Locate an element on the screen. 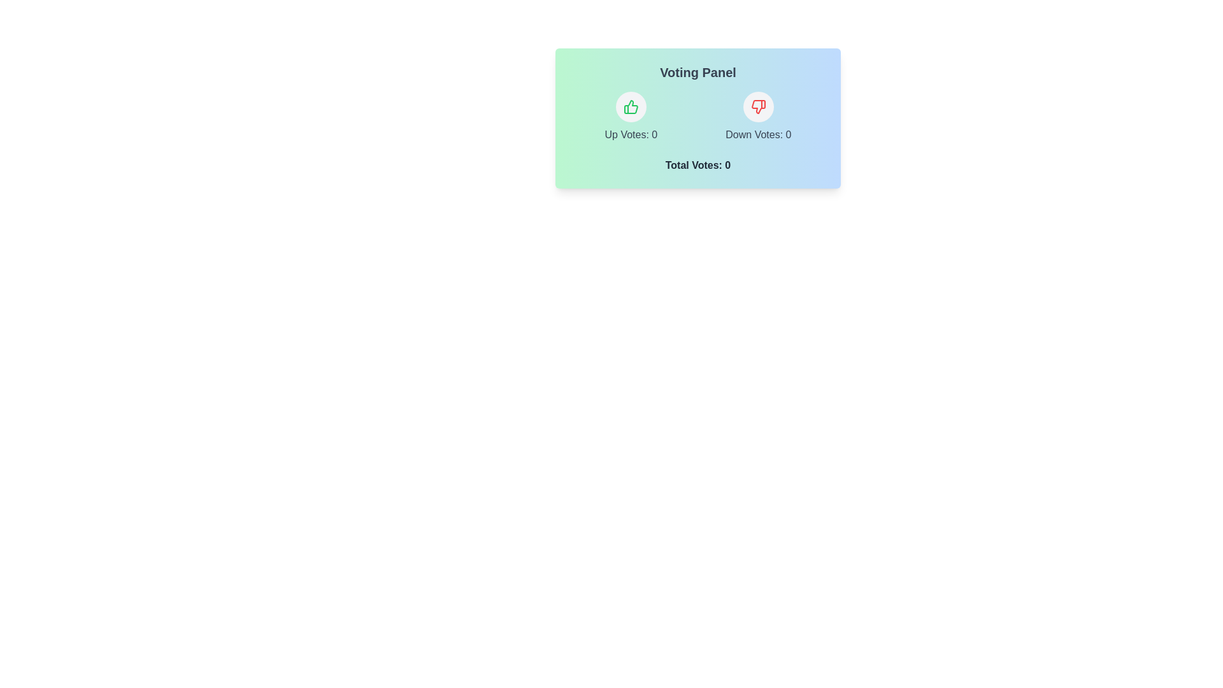 This screenshot has height=688, width=1223. the static text label reading 'Down Votes: 0' which is styled in gray and positioned in the bottom section of the voting panel, aligned below the thumbs-down icon is located at coordinates (758, 135).